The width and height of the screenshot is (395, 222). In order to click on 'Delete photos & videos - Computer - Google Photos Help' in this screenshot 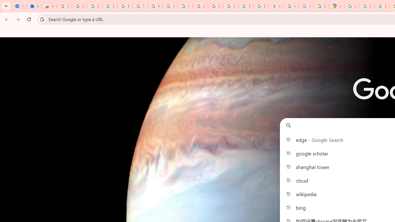, I will do `click(94, 6)`.